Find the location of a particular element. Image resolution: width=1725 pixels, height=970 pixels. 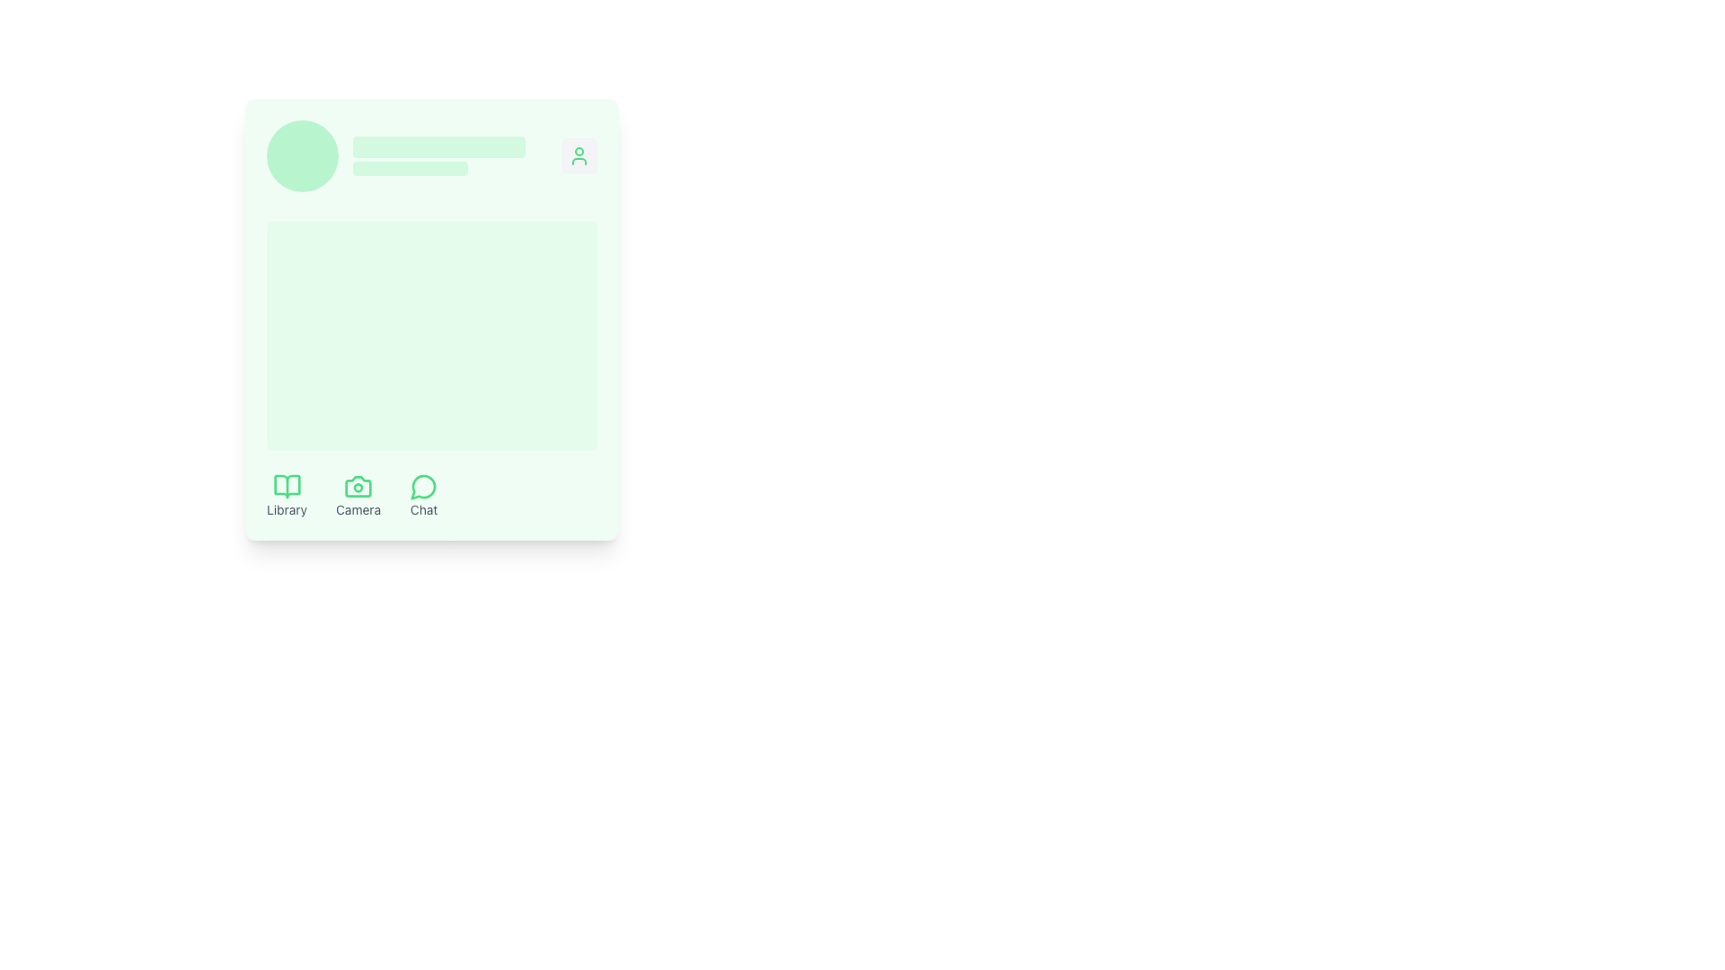

animation effect of the animated placeholder or loader component, which consists of two vertically stacked green rectangles with rounded corners, located in the upper section of the interface is located at coordinates (439, 154).